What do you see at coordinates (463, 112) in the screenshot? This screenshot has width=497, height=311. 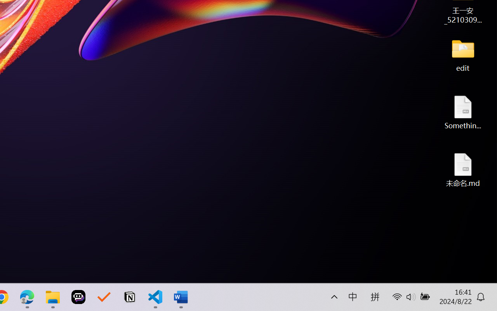 I see `'Something.md'` at bounding box center [463, 112].